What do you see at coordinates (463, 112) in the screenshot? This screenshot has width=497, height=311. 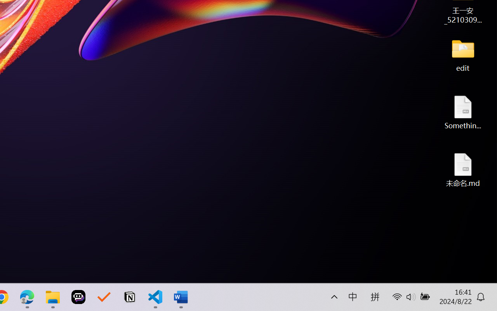 I see `'Something.md'` at bounding box center [463, 112].